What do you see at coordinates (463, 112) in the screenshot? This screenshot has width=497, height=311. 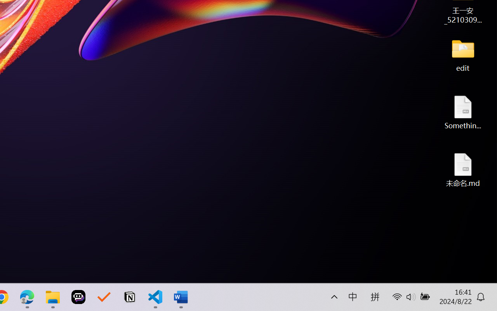 I see `'Something.md'` at bounding box center [463, 112].